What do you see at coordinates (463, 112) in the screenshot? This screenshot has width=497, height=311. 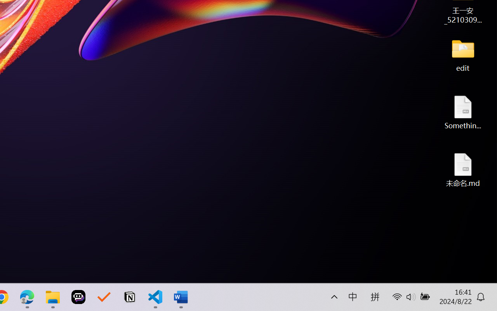 I see `'Something.md'` at bounding box center [463, 112].